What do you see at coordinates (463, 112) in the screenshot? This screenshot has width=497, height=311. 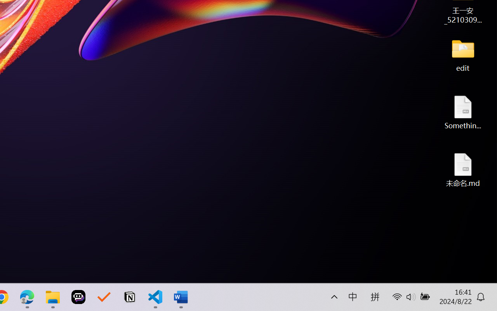 I see `'Something.md'` at bounding box center [463, 112].